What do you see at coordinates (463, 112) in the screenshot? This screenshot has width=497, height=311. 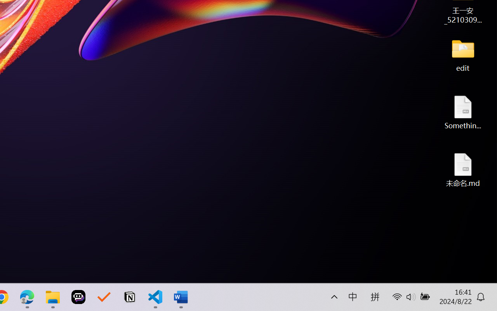 I see `'Something.md'` at bounding box center [463, 112].